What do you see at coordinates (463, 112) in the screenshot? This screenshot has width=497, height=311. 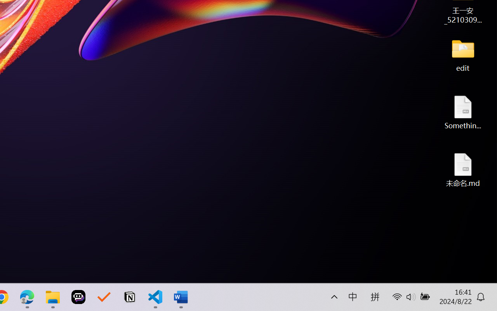 I see `'Something.md'` at bounding box center [463, 112].